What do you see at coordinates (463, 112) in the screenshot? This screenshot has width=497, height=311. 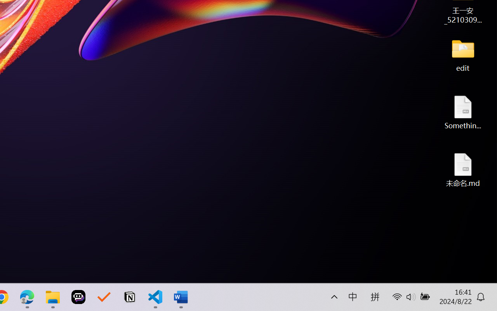 I see `'Something.md'` at bounding box center [463, 112].